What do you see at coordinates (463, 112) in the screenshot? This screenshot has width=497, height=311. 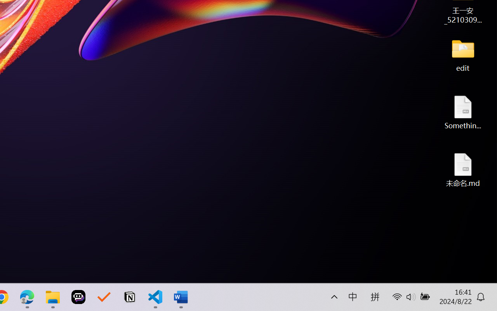 I see `'Something.md'` at bounding box center [463, 112].